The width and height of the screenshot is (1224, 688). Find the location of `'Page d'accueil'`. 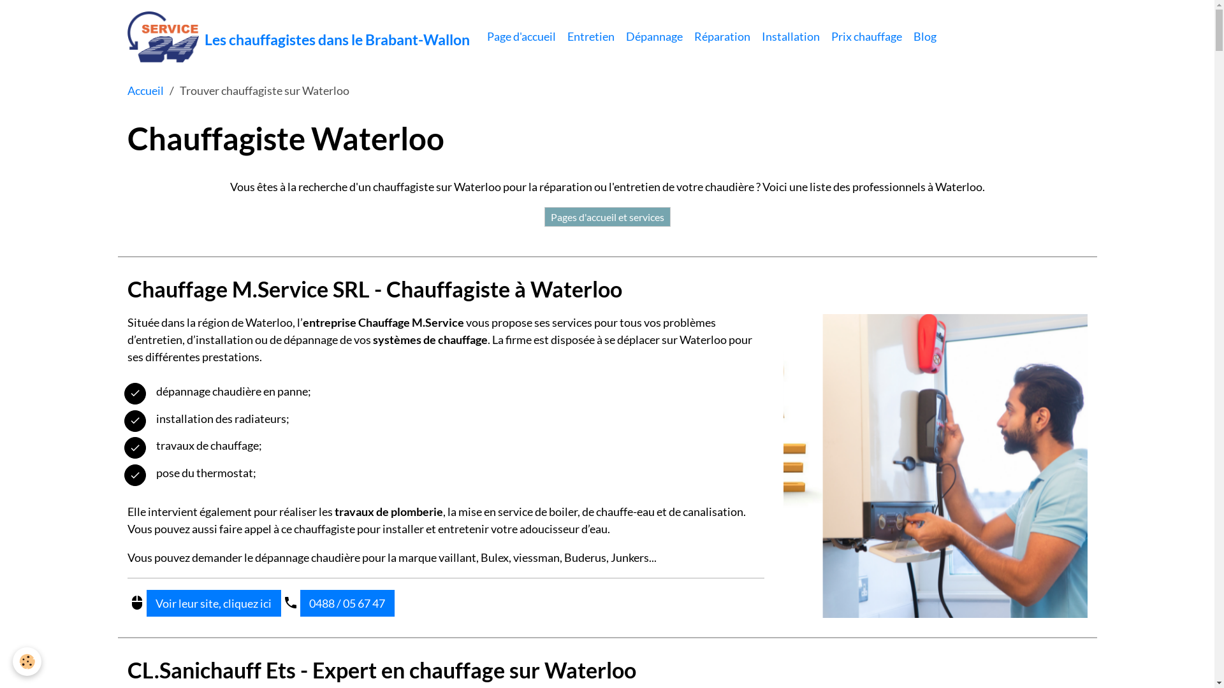

'Page d'accueil' is located at coordinates (521, 36).